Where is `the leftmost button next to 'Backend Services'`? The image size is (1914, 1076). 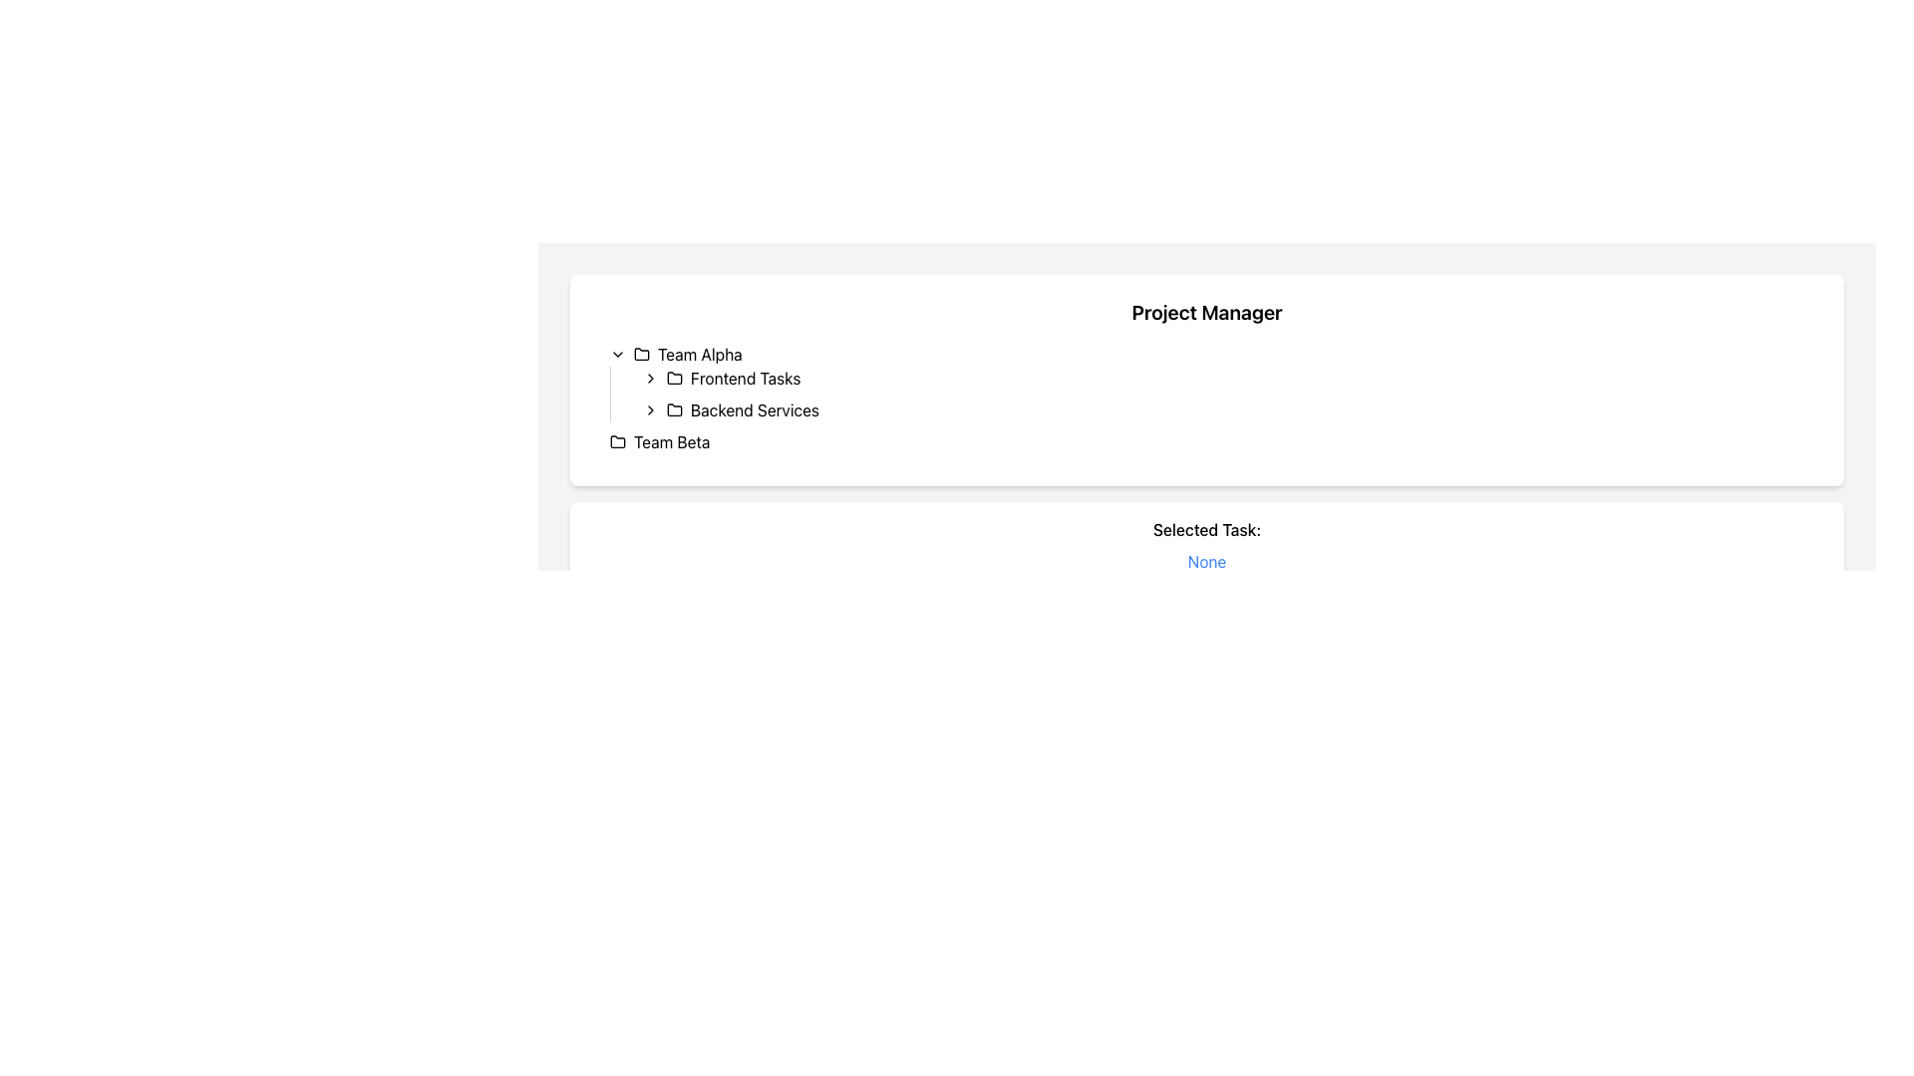 the leftmost button next to 'Backend Services' is located at coordinates (650, 409).